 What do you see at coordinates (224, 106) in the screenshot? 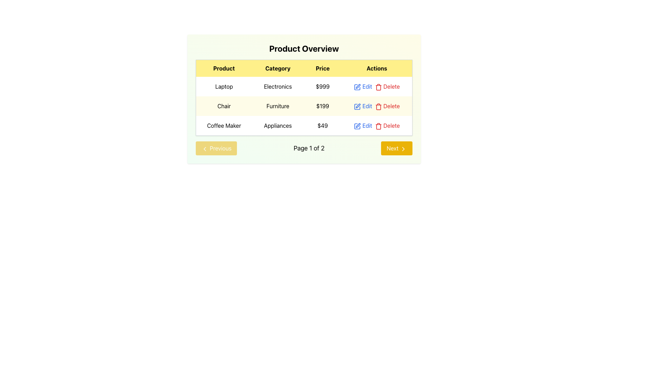
I see `the product name label in the second row of the table under the 'Product' column, which displays the product name` at bounding box center [224, 106].